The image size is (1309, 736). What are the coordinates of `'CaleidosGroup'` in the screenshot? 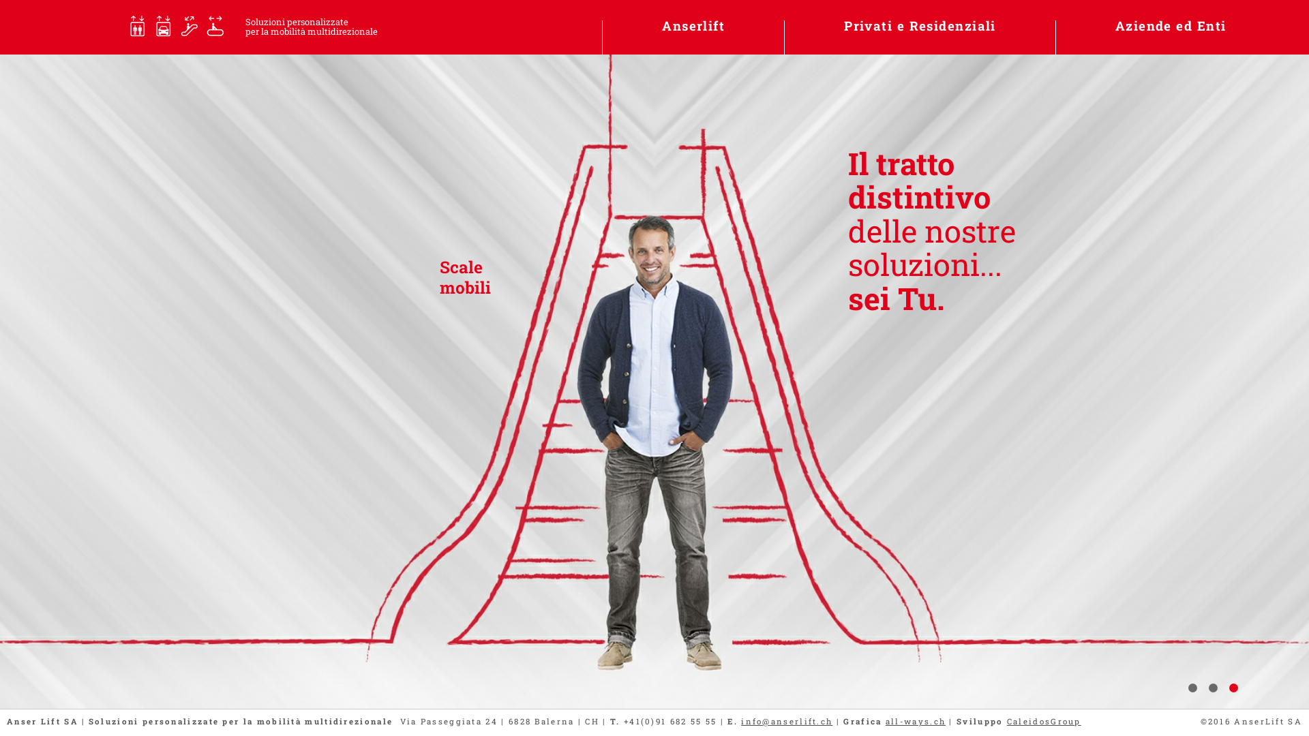 It's located at (1043, 720).